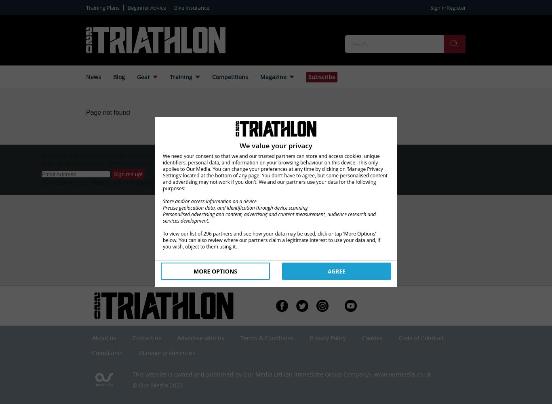 Image resolution: width=552 pixels, height=404 pixels. I want to click on 'Blog', so click(119, 76).